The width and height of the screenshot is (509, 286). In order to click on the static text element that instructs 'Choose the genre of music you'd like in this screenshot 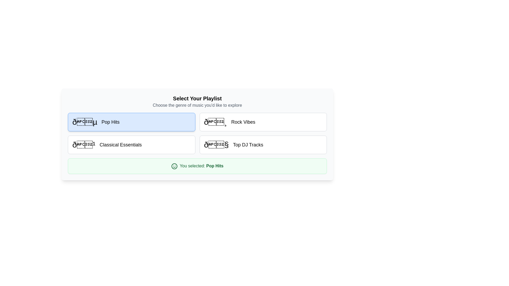, I will do `click(197, 105)`.